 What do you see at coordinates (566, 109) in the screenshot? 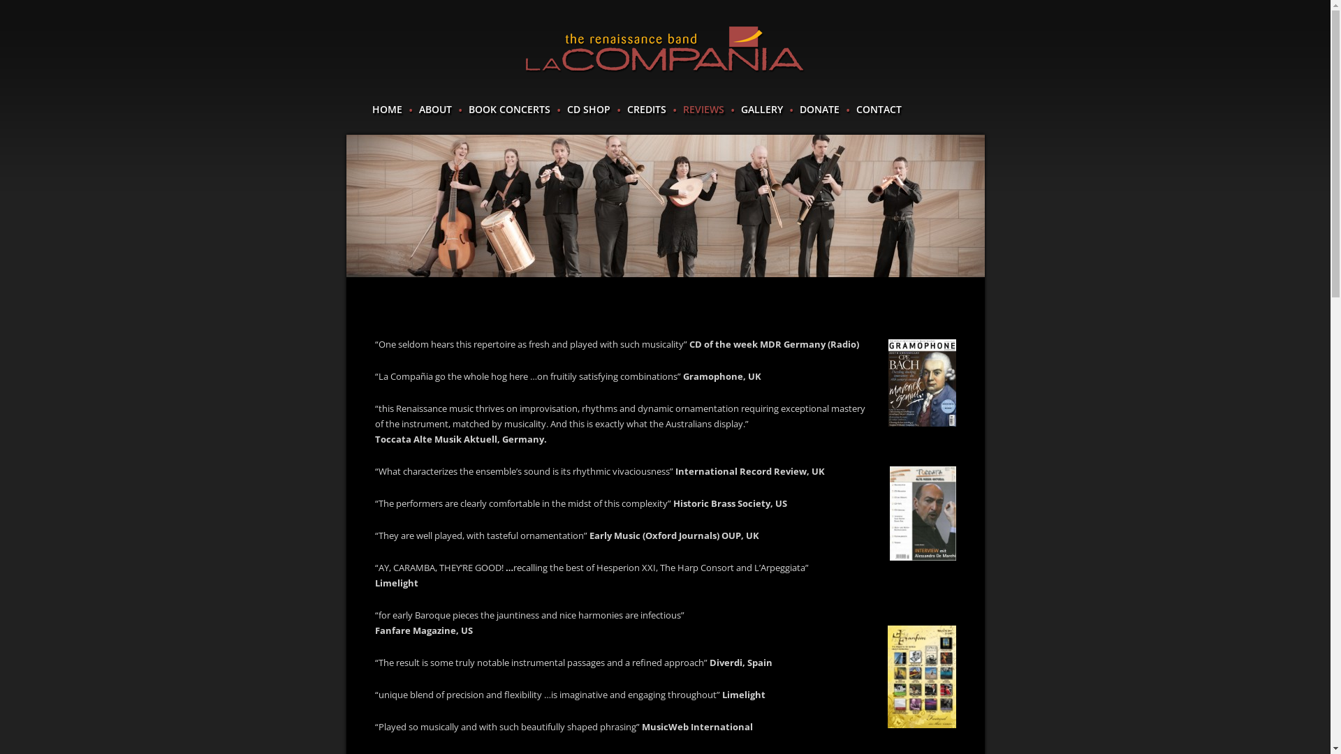
I see `'CD SHOP'` at bounding box center [566, 109].